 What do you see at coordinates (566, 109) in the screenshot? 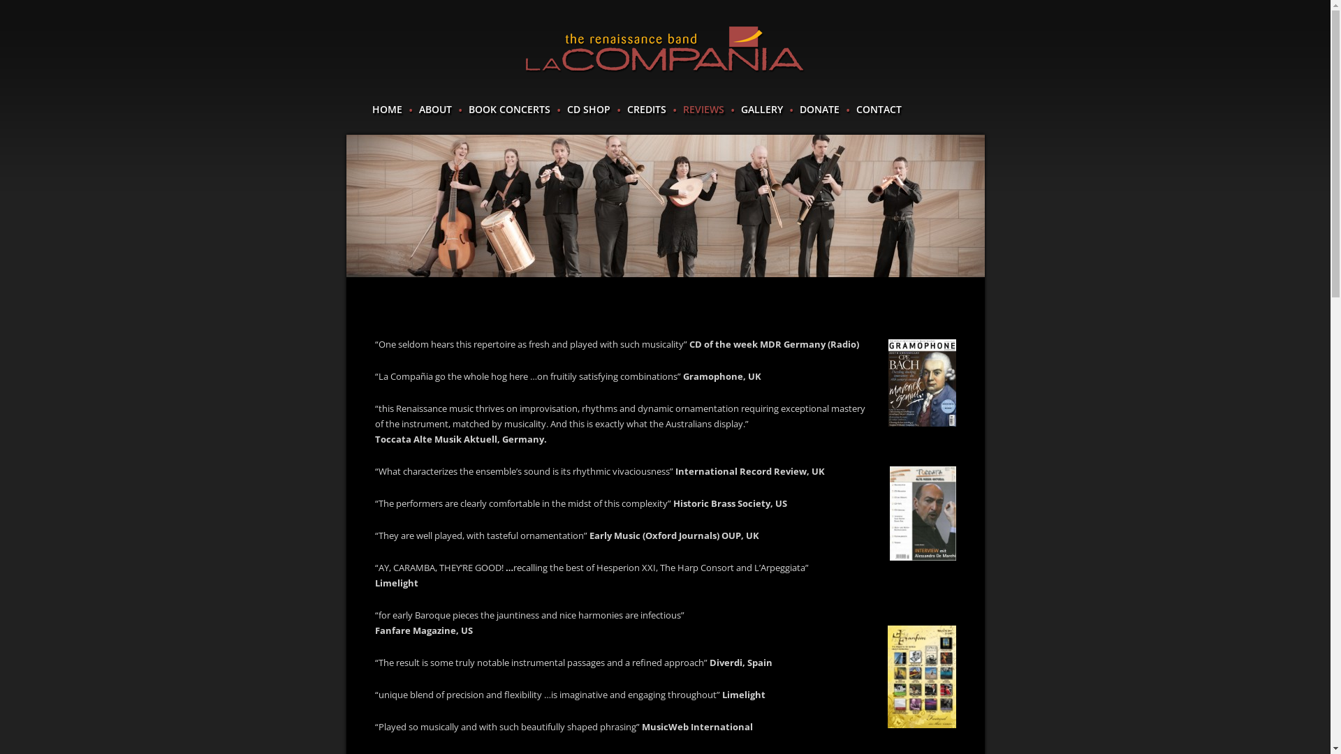
I see `'CD SHOP'` at bounding box center [566, 109].